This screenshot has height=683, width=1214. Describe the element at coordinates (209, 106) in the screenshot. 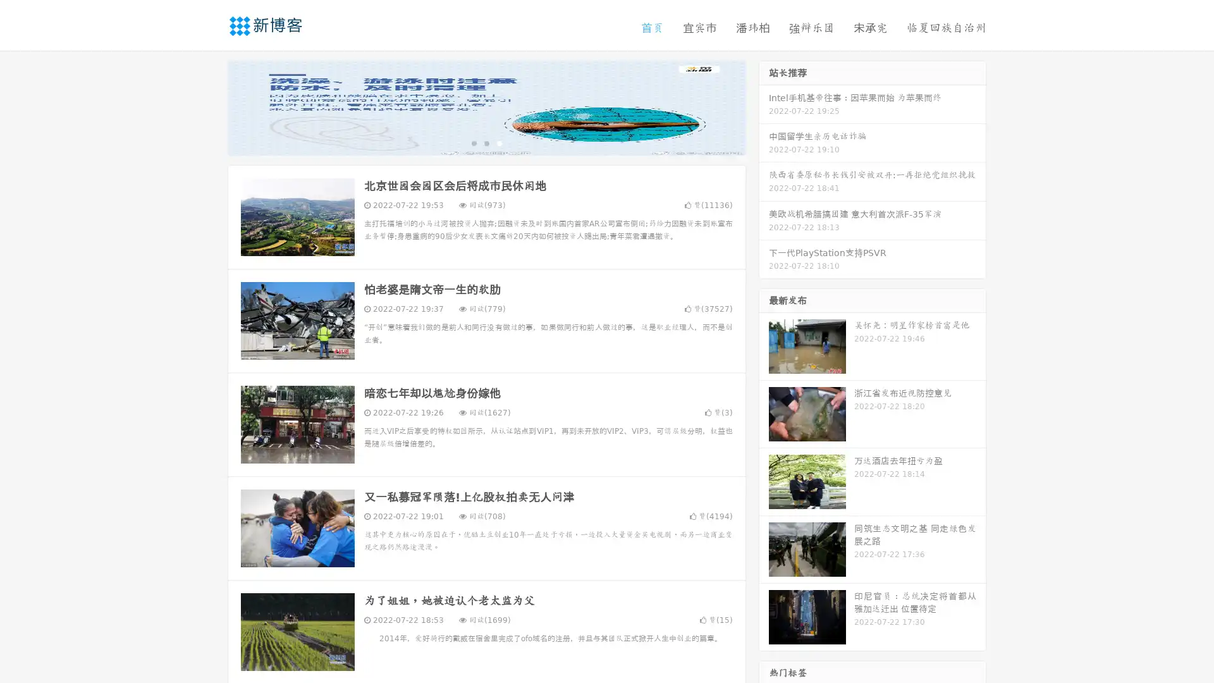

I see `Previous slide` at that location.